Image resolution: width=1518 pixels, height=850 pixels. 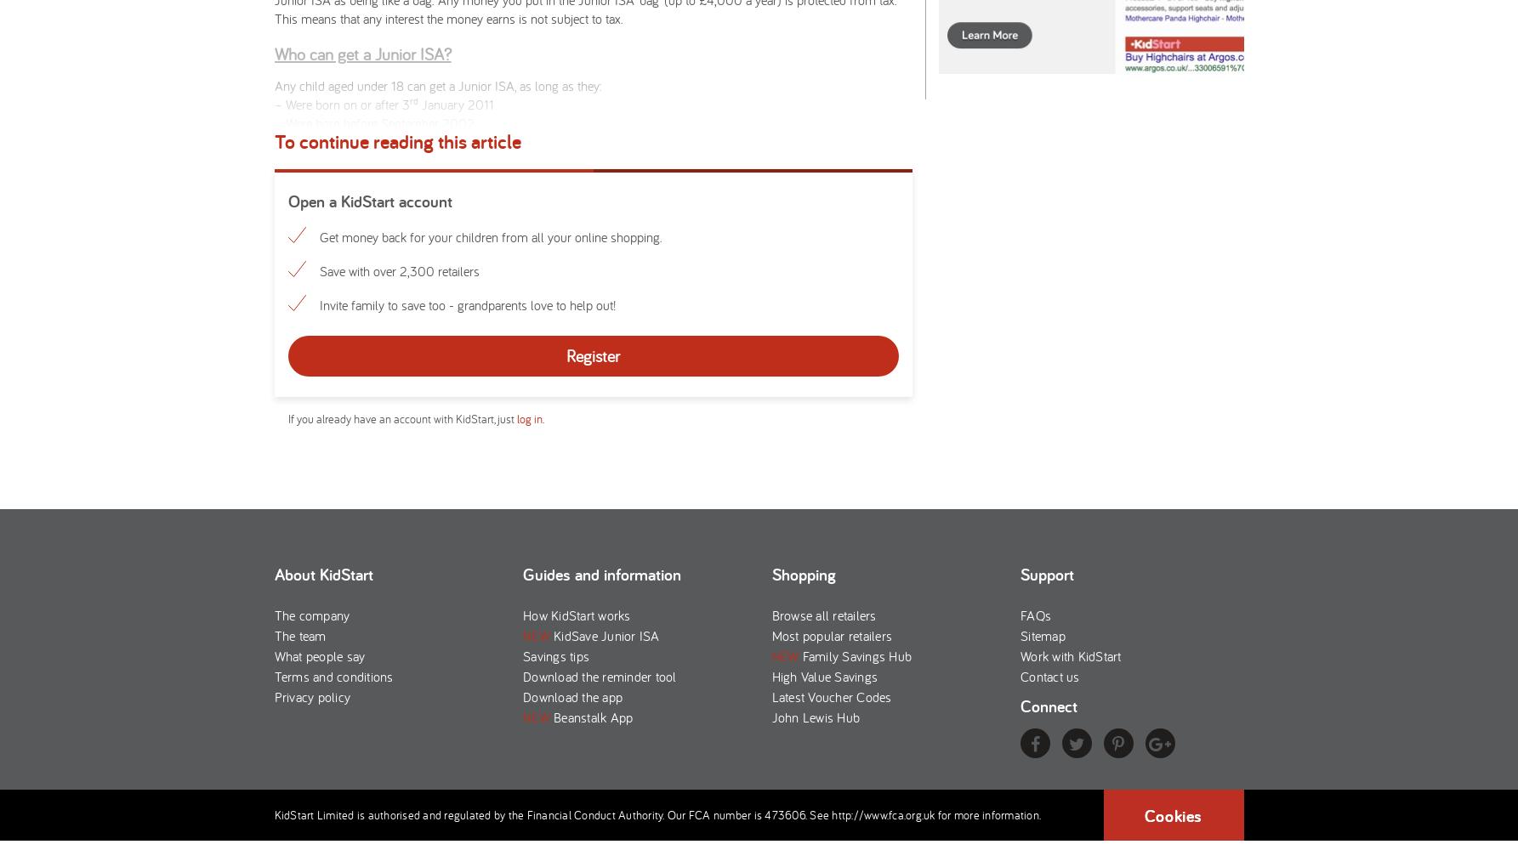 What do you see at coordinates (854, 655) in the screenshot?
I see `'Family Savings Hub'` at bounding box center [854, 655].